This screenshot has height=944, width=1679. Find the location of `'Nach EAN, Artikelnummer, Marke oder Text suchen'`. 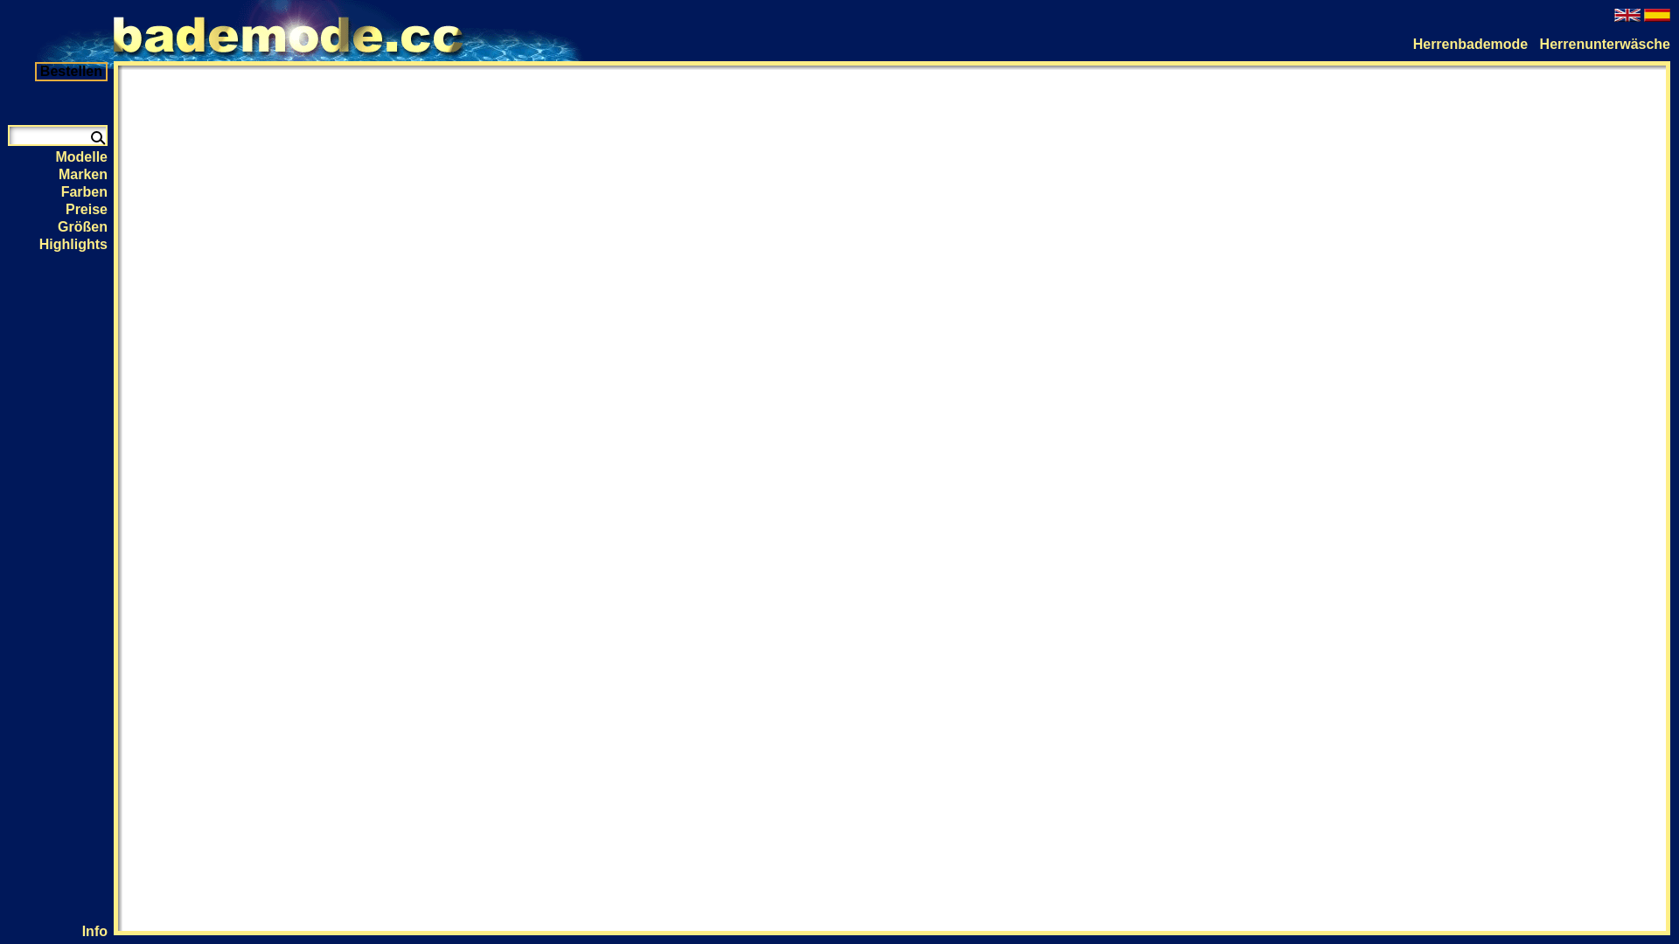

'Nach EAN, Artikelnummer, Marke oder Text suchen' is located at coordinates (95, 135).